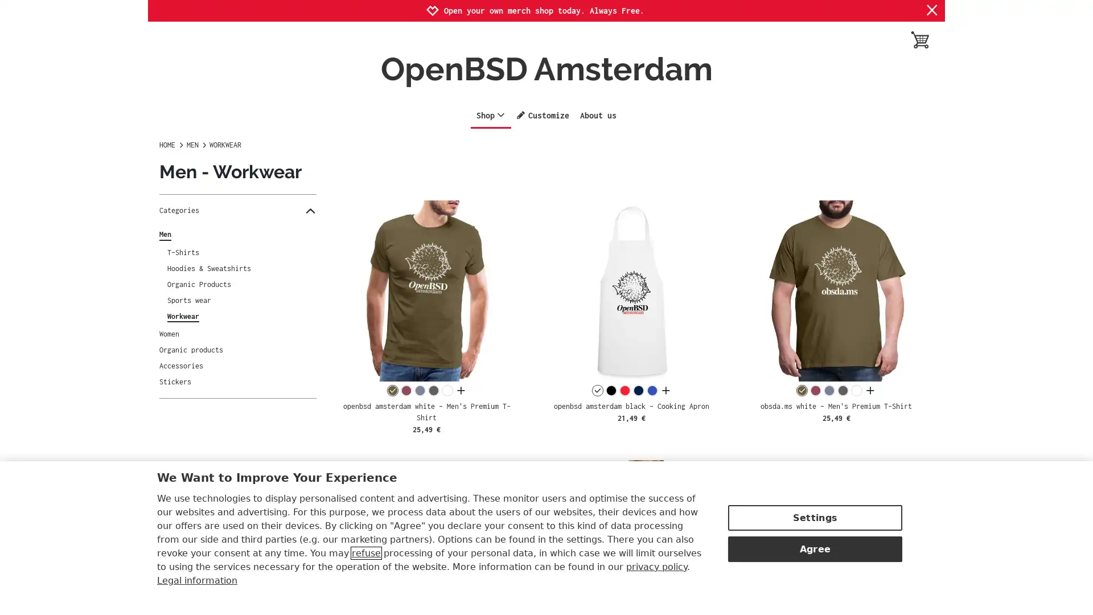 Image resolution: width=1093 pixels, height=615 pixels. Describe the element at coordinates (857, 390) in the screenshot. I see `white` at that location.